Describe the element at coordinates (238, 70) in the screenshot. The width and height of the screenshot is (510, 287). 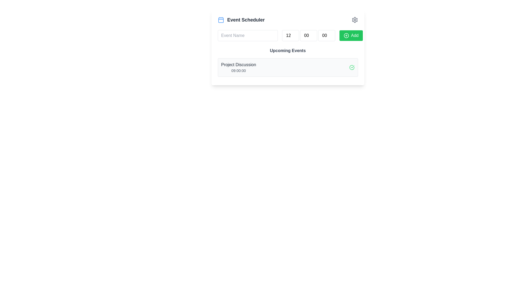
I see `the static text label displaying the start or scheduled time associated with the 'Project Discussion' item, located in the bottom-right section of the 'Project Discussion' panel` at that location.